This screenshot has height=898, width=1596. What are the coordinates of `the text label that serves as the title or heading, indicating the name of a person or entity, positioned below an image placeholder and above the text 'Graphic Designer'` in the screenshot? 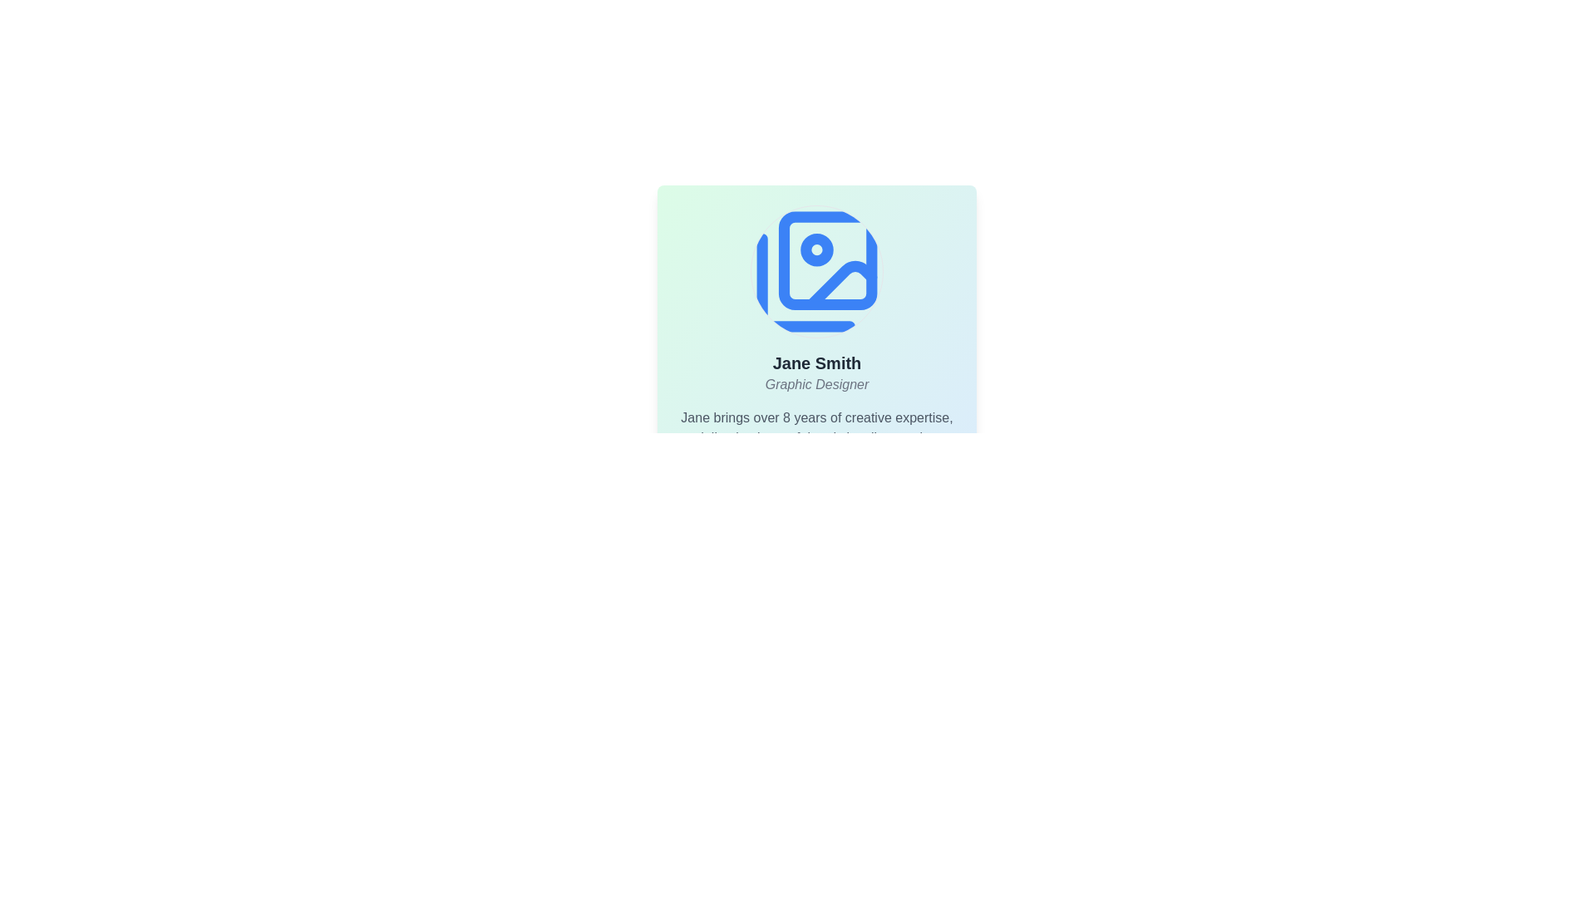 It's located at (817, 362).